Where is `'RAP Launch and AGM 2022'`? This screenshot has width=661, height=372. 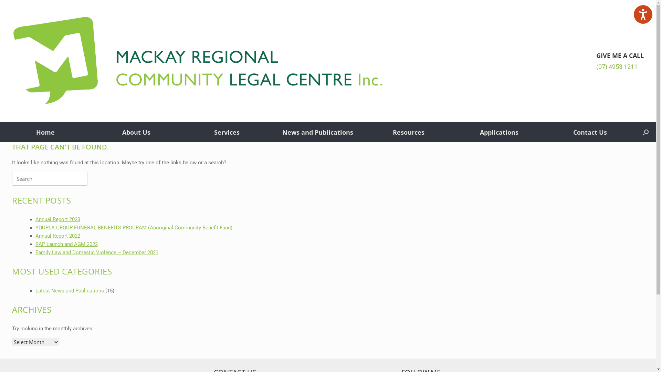 'RAP Launch and AGM 2022' is located at coordinates (66, 244).